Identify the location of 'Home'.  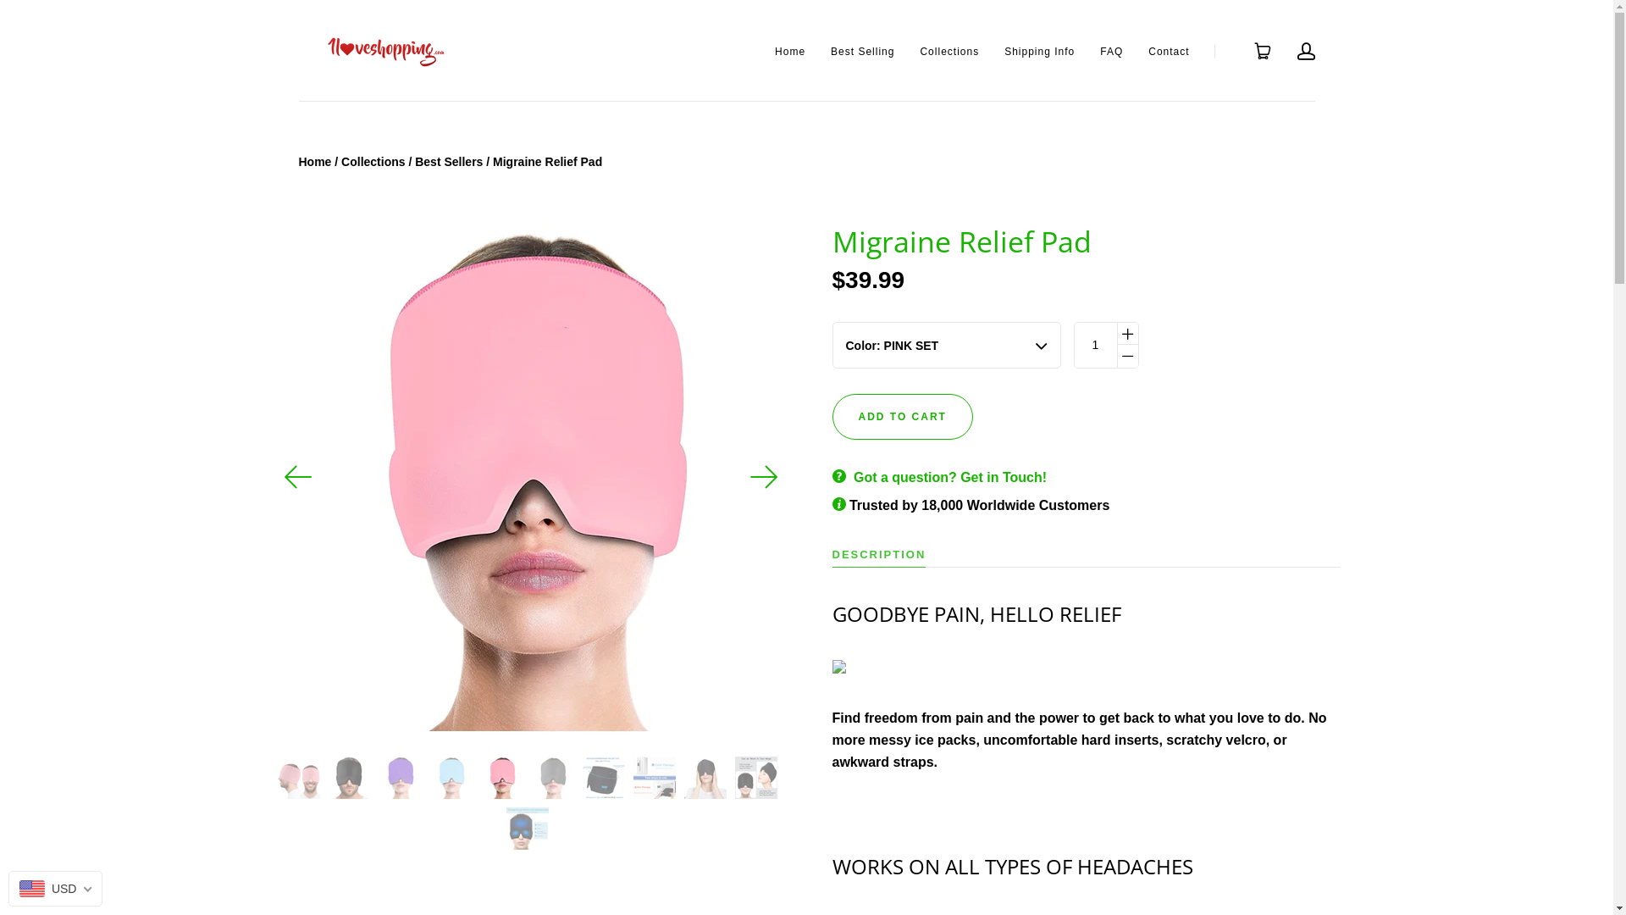
(297, 162).